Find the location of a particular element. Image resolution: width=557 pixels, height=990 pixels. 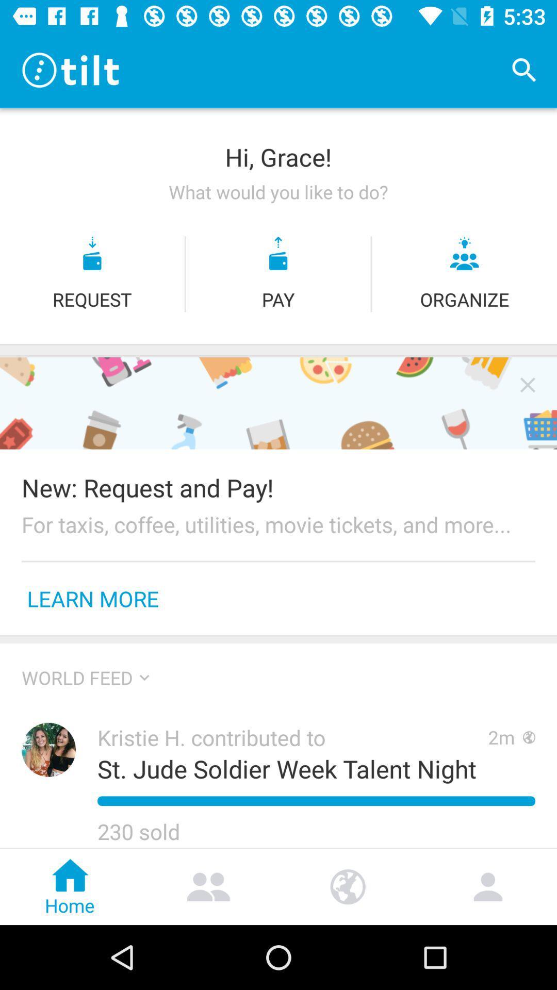

icon above the for taxis coffee item is located at coordinates (278, 487).